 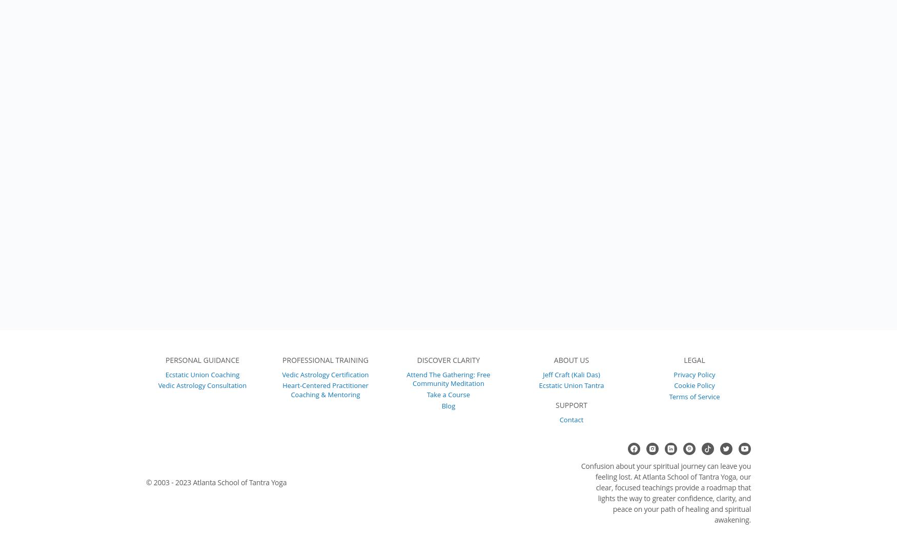 What do you see at coordinates (201, 359) in the screenshot?
I see `'PERSONAL GUIDANCE'` at bounding box center [201, 359].